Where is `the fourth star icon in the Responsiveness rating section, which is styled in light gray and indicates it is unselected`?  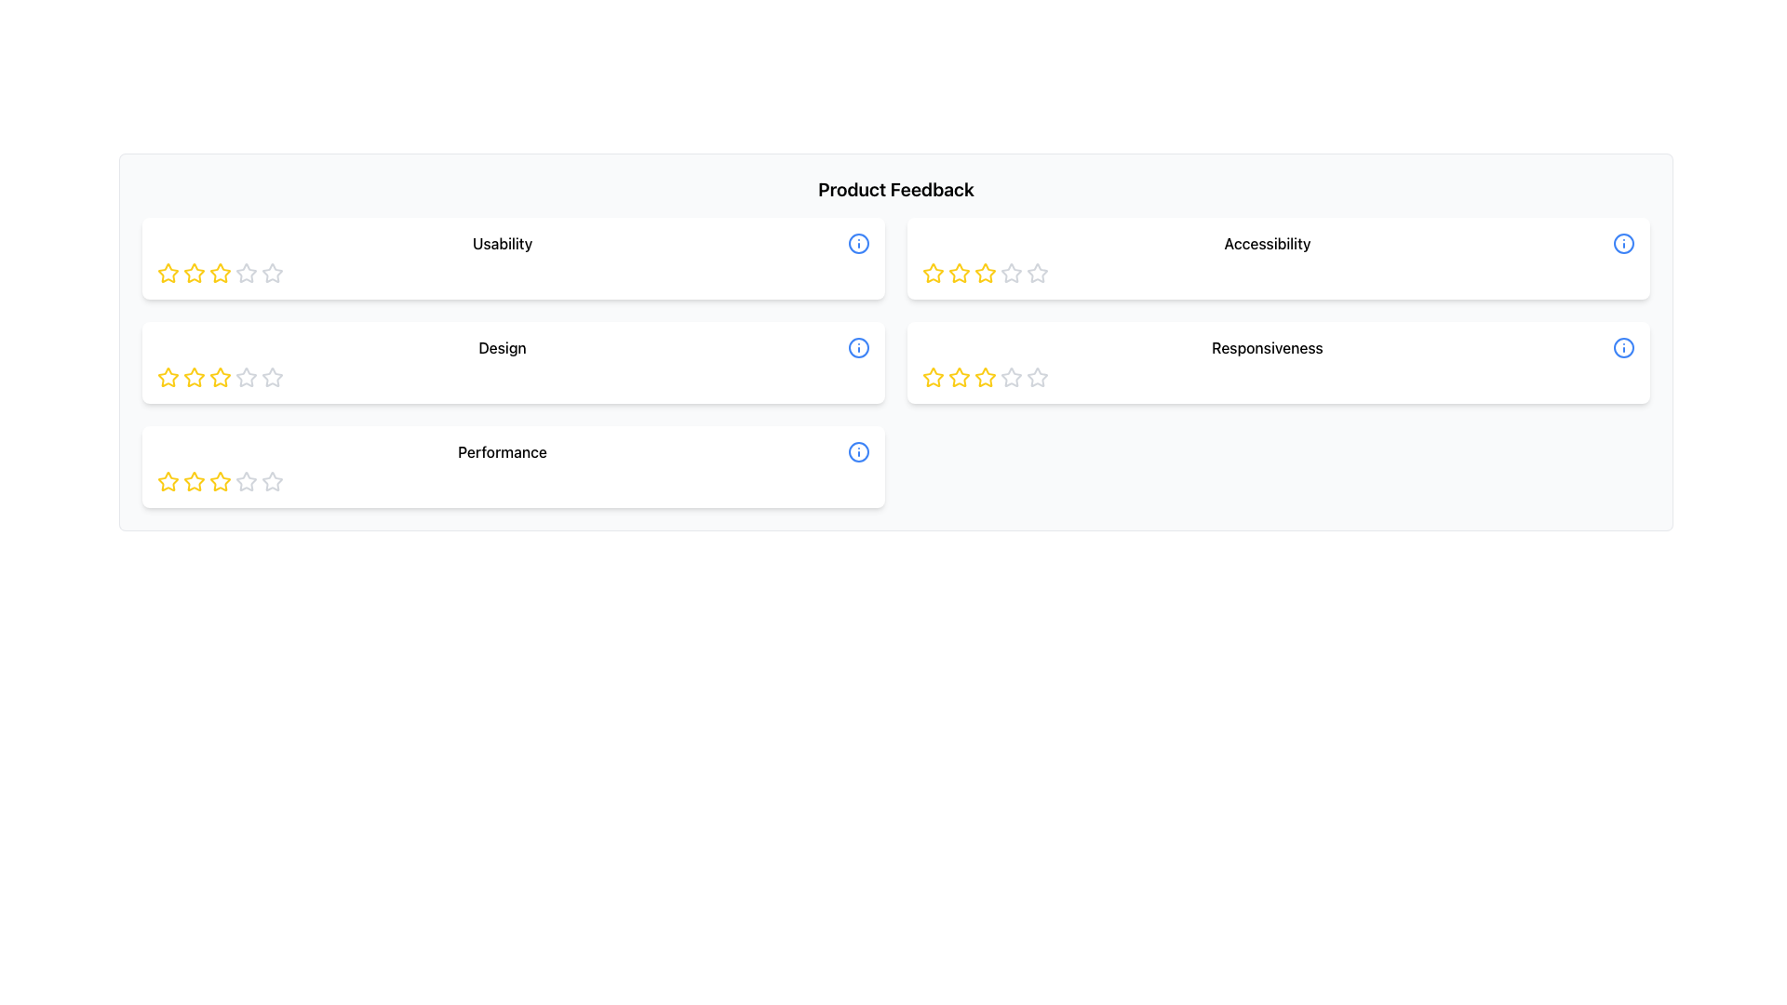
the fourth star icon in the Responsiveness rating section, which is styled in light gray and indicates it is unselected is located at coordinates (1010, 377).